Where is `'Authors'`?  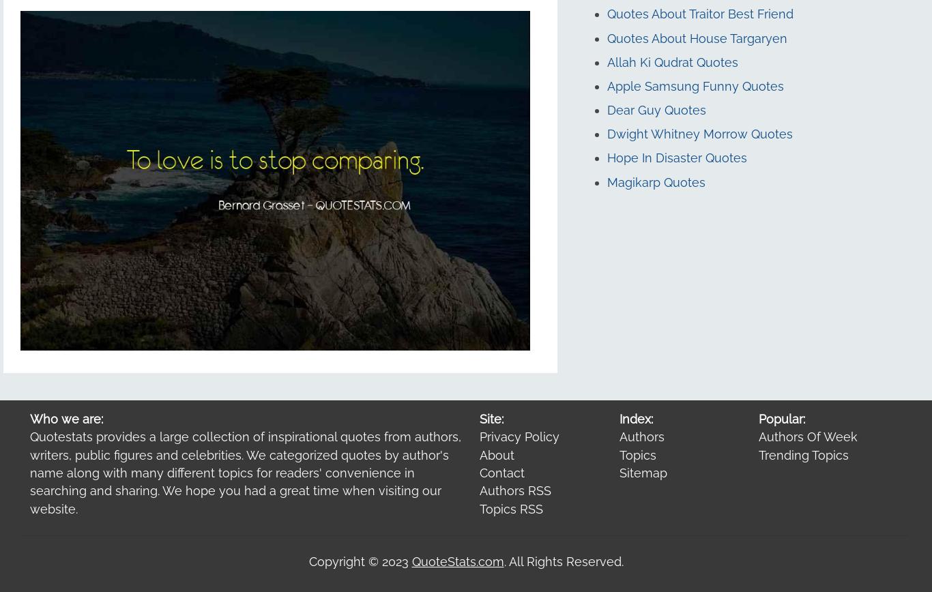
'Authors' is located at coordinates (641, 436).